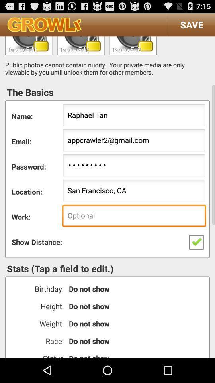 Image resolution: width=215 pixels, height=383 pixels. What do you see at coordinates (134, 217) in the screenshot?
I see `text to profile workplace` at bounding box center [134, 217].